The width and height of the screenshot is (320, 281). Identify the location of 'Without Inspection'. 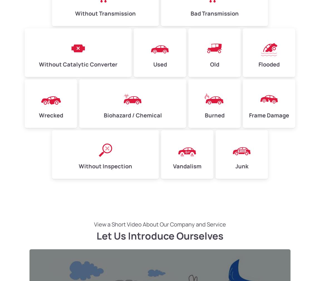
(105, 166).